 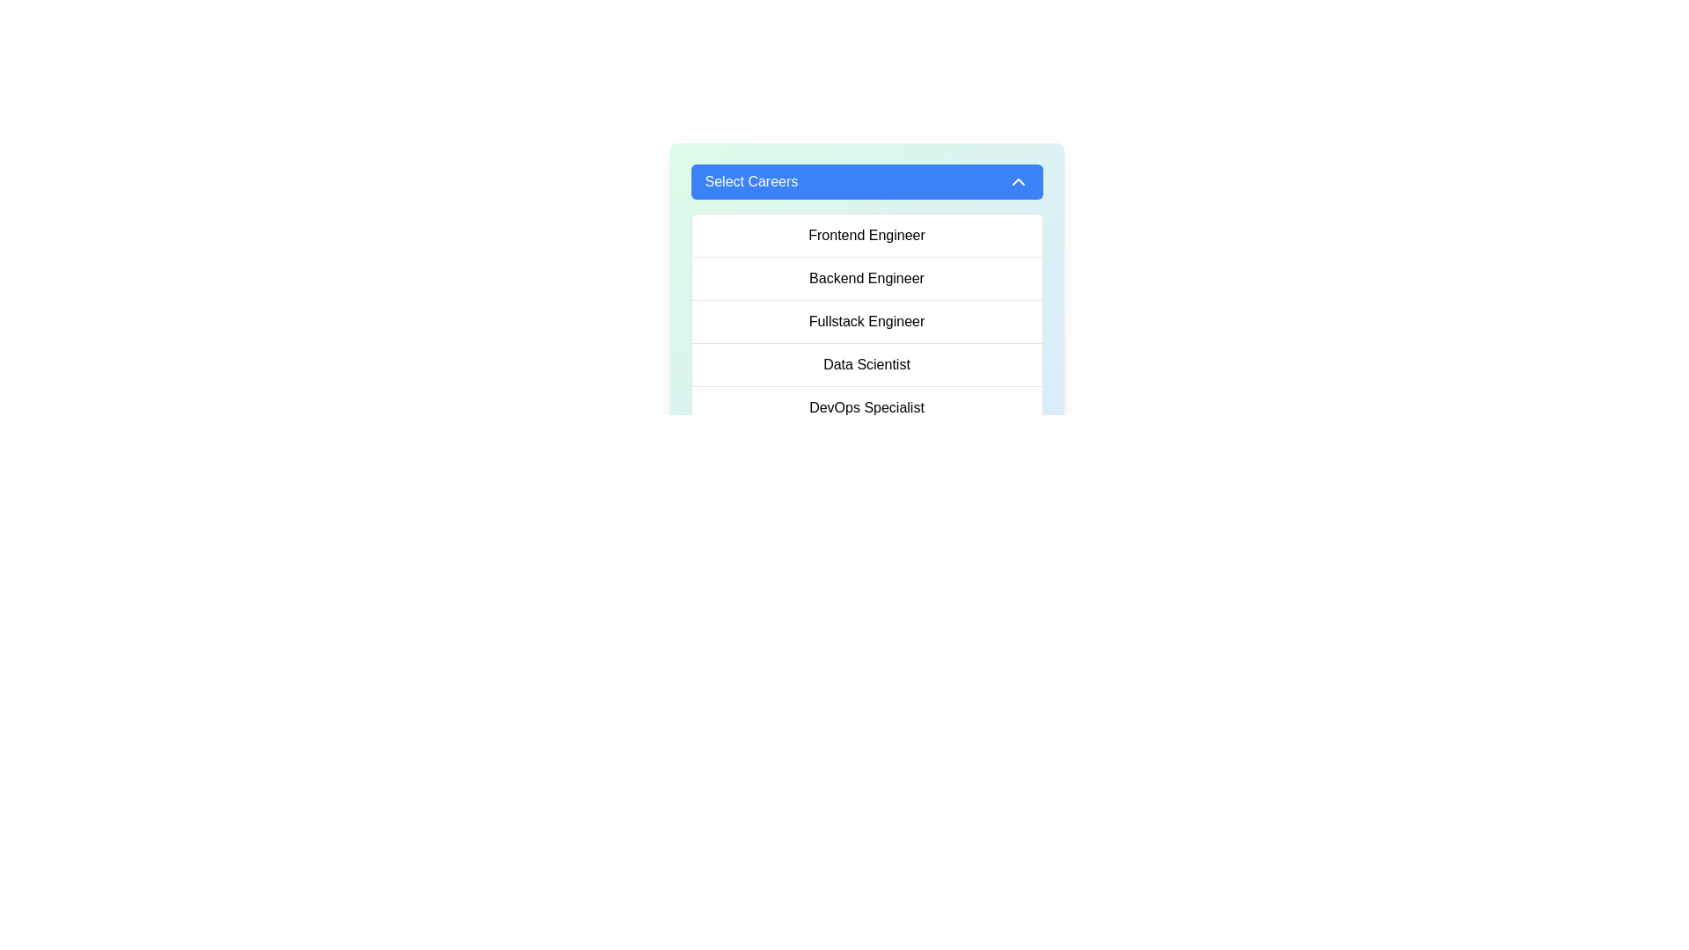 What do you see at coordinates (866, 407) in the screenshot?
I see `on the 'DevOps Specialist' option in the dropdown menu, which is the fifth item in the list, positioned below 'Data Scientist'` at bounding box center [866, 407].